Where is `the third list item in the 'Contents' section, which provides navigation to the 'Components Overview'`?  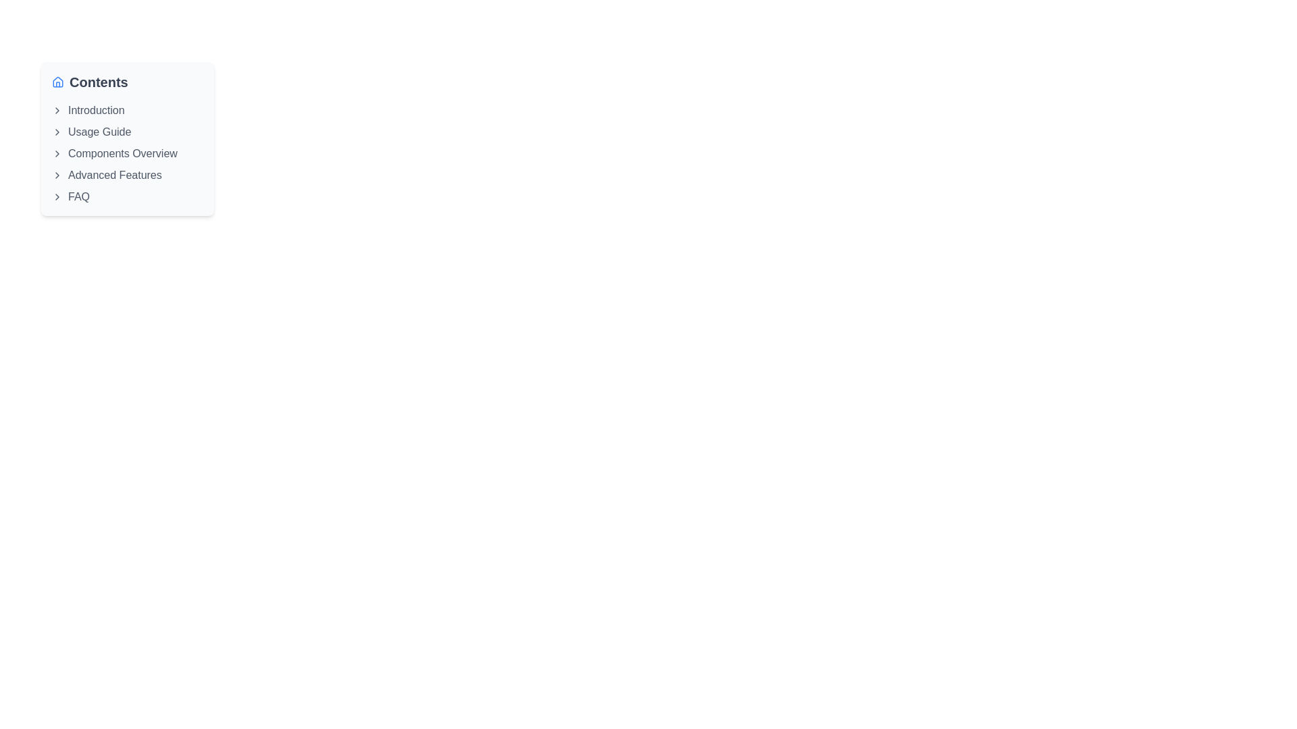
the third list item in the 'Contents' section, which provides navigation to the 'Components Overview' is located at coordinates (127, 153).